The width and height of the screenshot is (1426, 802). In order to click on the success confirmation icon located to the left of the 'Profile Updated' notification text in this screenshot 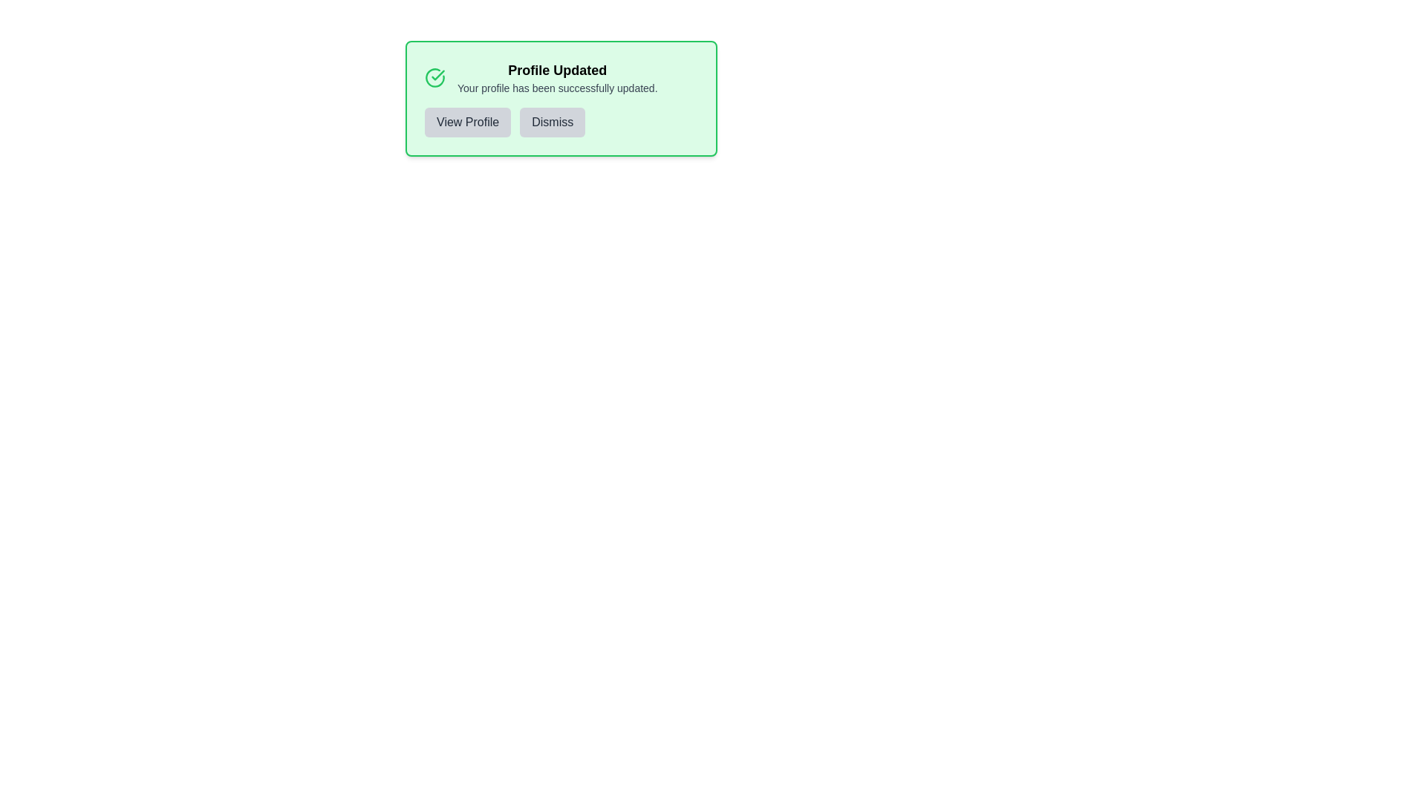, I will do `click(434, 77)`.